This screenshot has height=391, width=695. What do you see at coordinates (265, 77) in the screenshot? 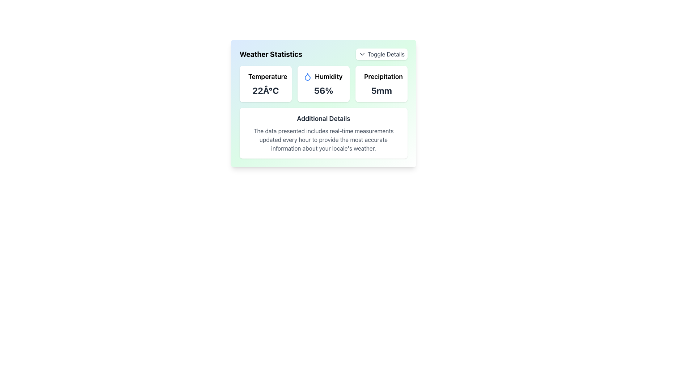
I see `the 'Temperature' label which displays the word 'Temperature' in bold font, accompanied by an orange sun icon, located in the 'Weather Statistics' section above the temperature value '22°C'` at bounding box center [265, 77].